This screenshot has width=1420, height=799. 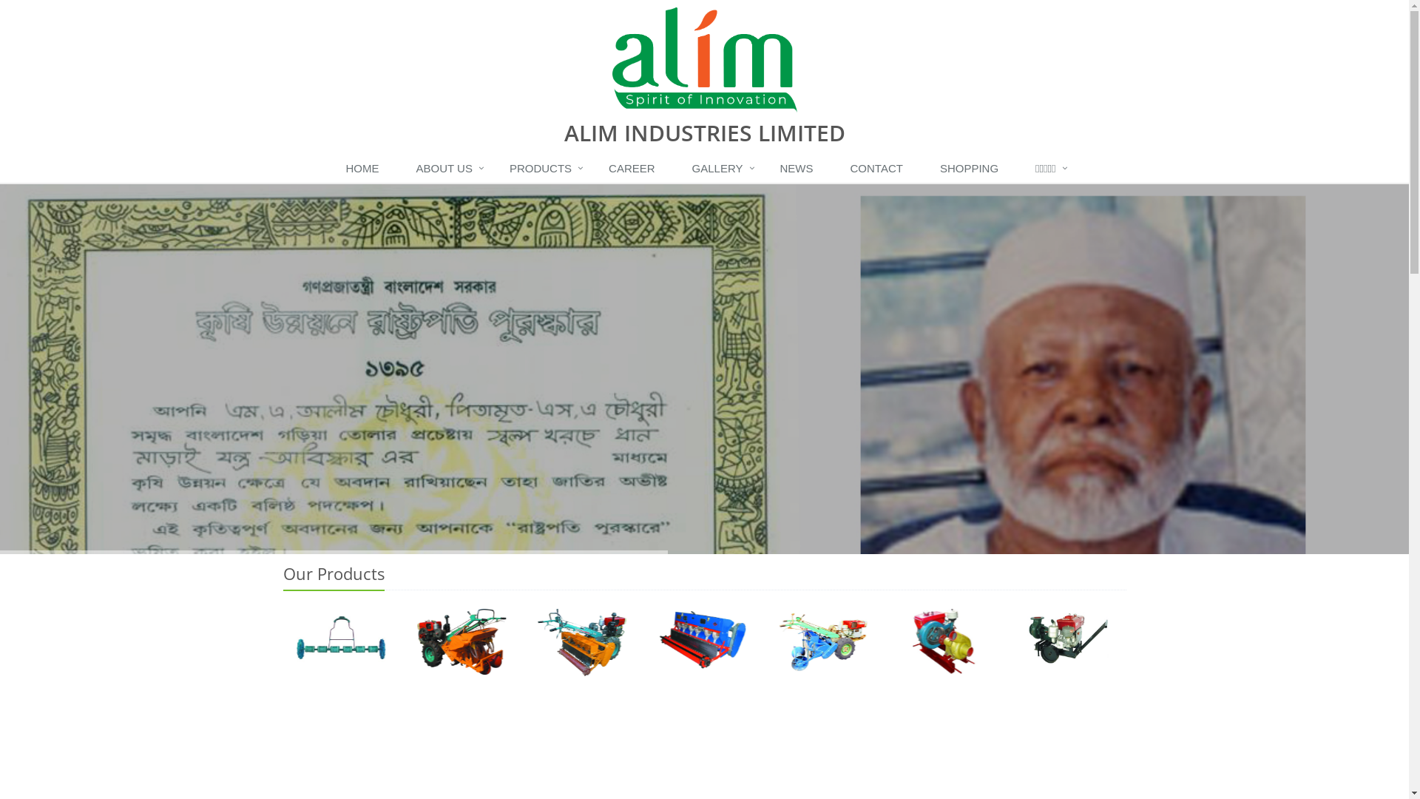 What do you see at coordinates (721, 168) in the screenshot?
I see `'GALLERY'` at bounding box center [721, 168].